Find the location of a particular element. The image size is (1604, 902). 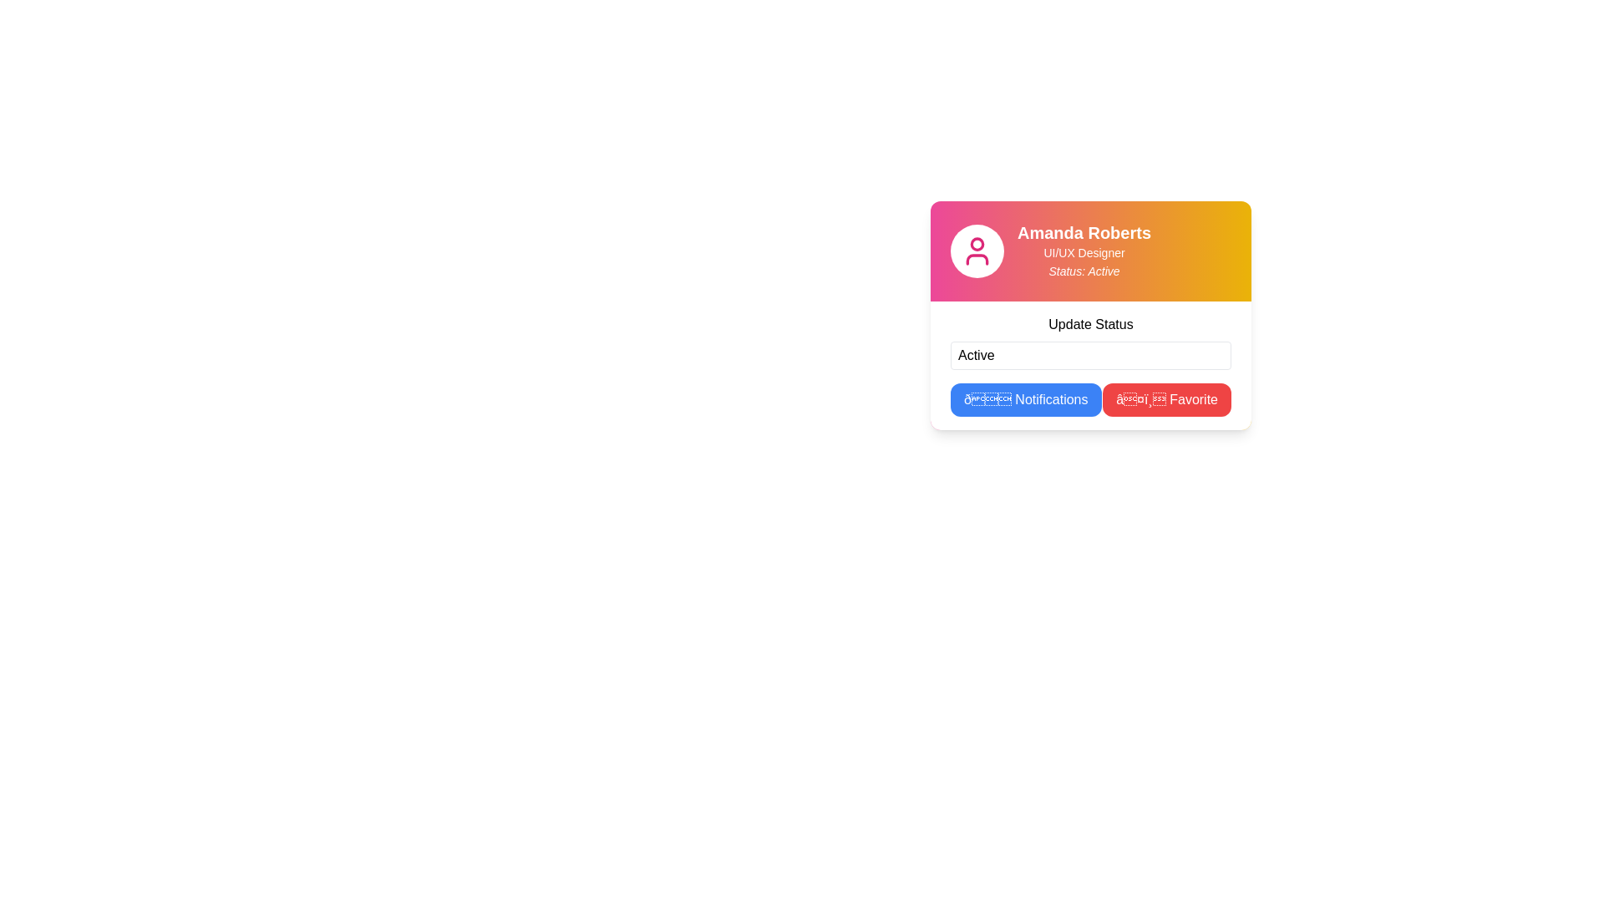

the upper circular part of the user icon, which visually resembles the head of a user is located at coordinates (977, 244).